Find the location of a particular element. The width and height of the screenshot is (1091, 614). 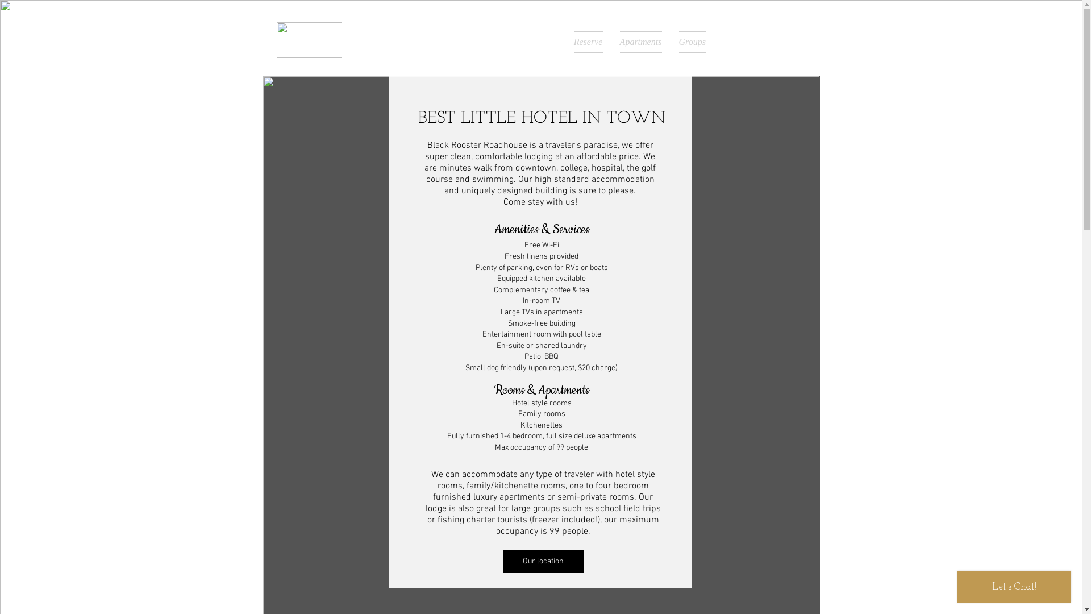

'Apartments' is located at coordinates (610, 41).